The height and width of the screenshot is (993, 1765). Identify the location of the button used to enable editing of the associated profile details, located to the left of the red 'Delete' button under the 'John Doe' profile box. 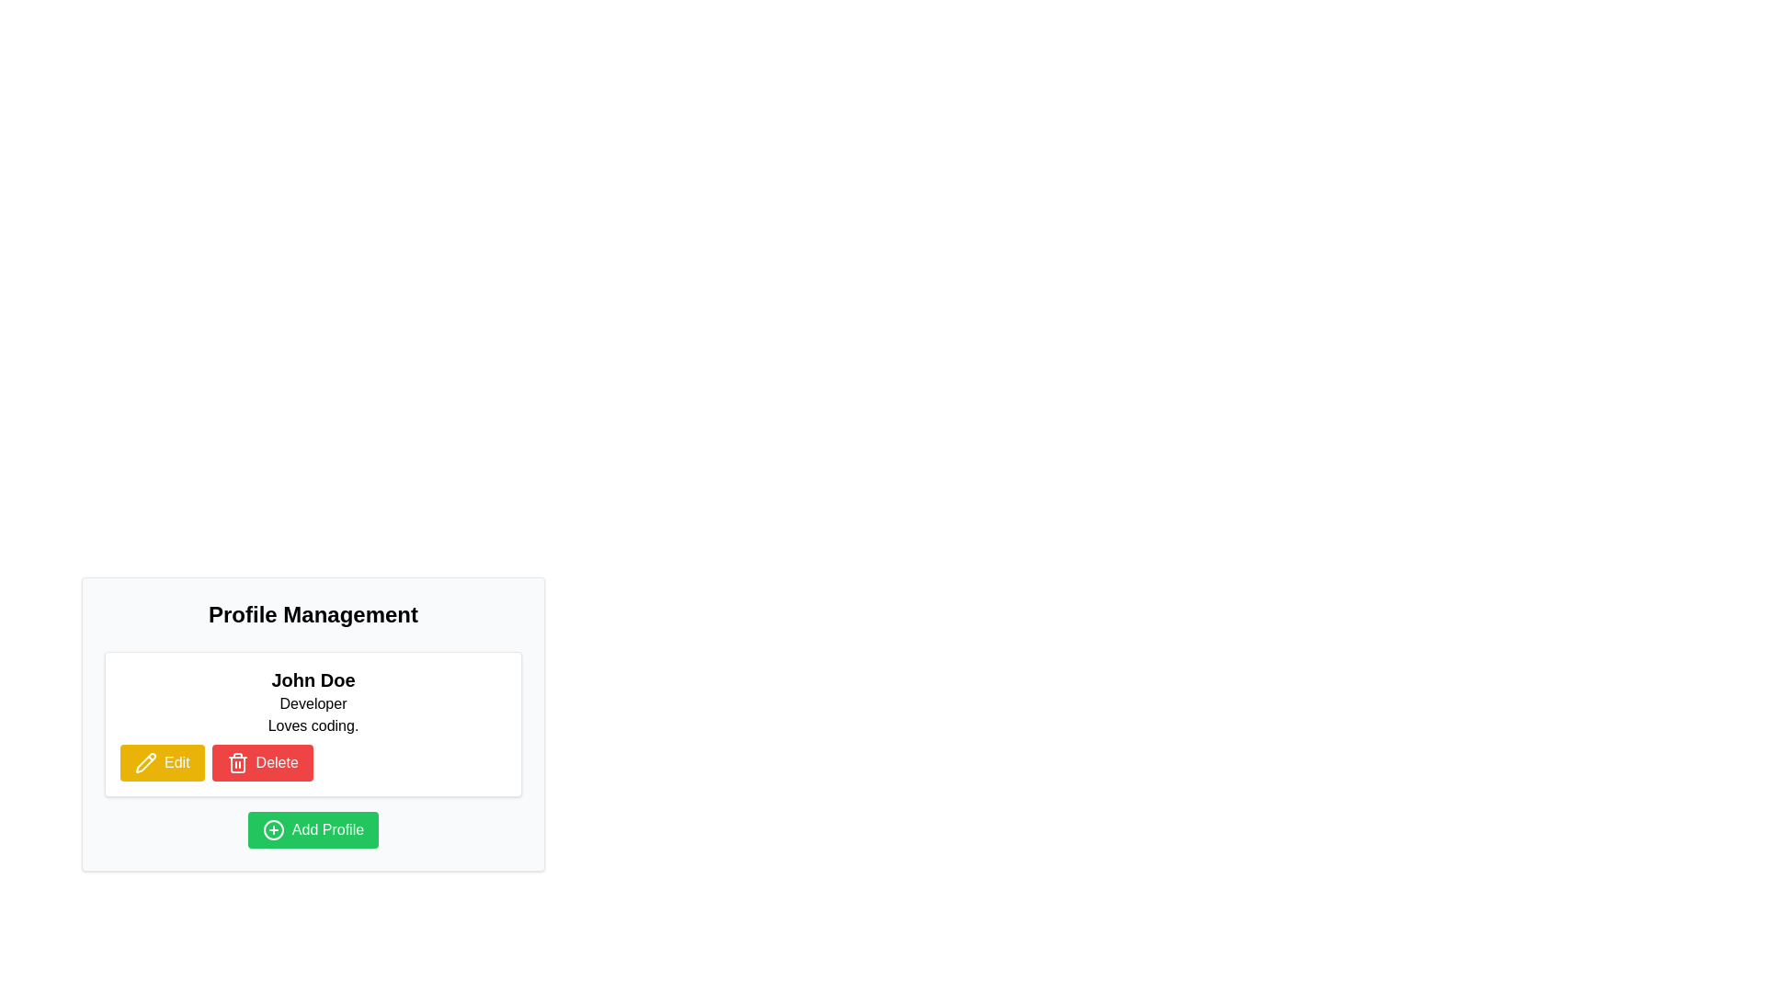
(162, 762).